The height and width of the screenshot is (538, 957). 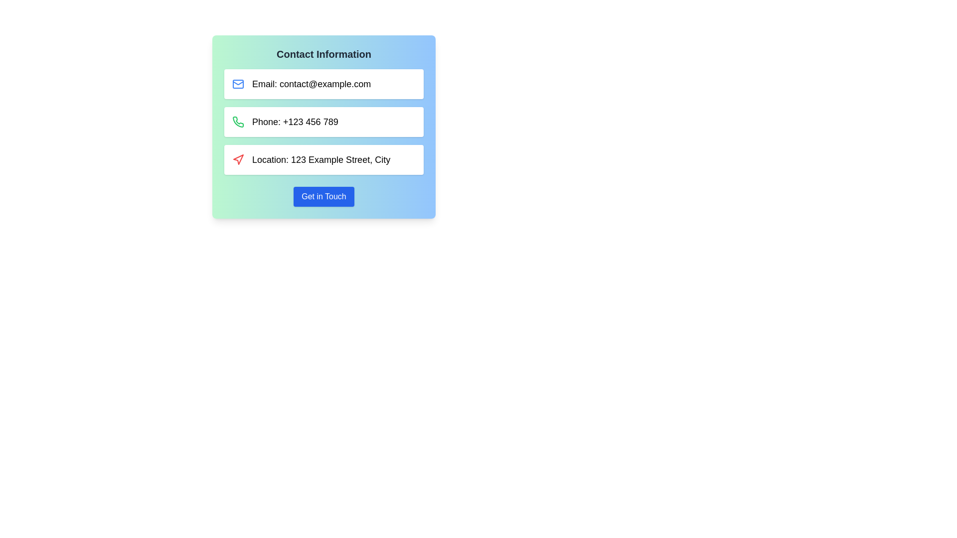 I want to click on green phone icon located to the left of the text 'Phone: +123 456 789' in the middle row of the contact information section for debugging purposes, so click(x=238, y=121).